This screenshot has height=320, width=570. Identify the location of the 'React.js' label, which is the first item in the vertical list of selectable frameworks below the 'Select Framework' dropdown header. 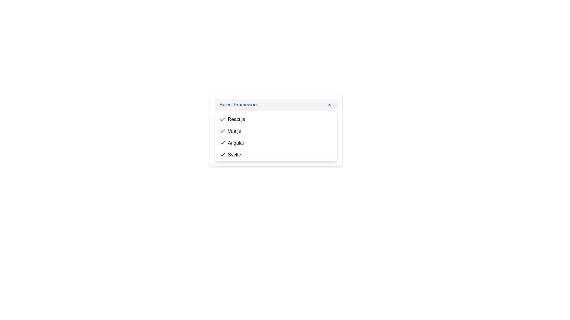
(236, 119).